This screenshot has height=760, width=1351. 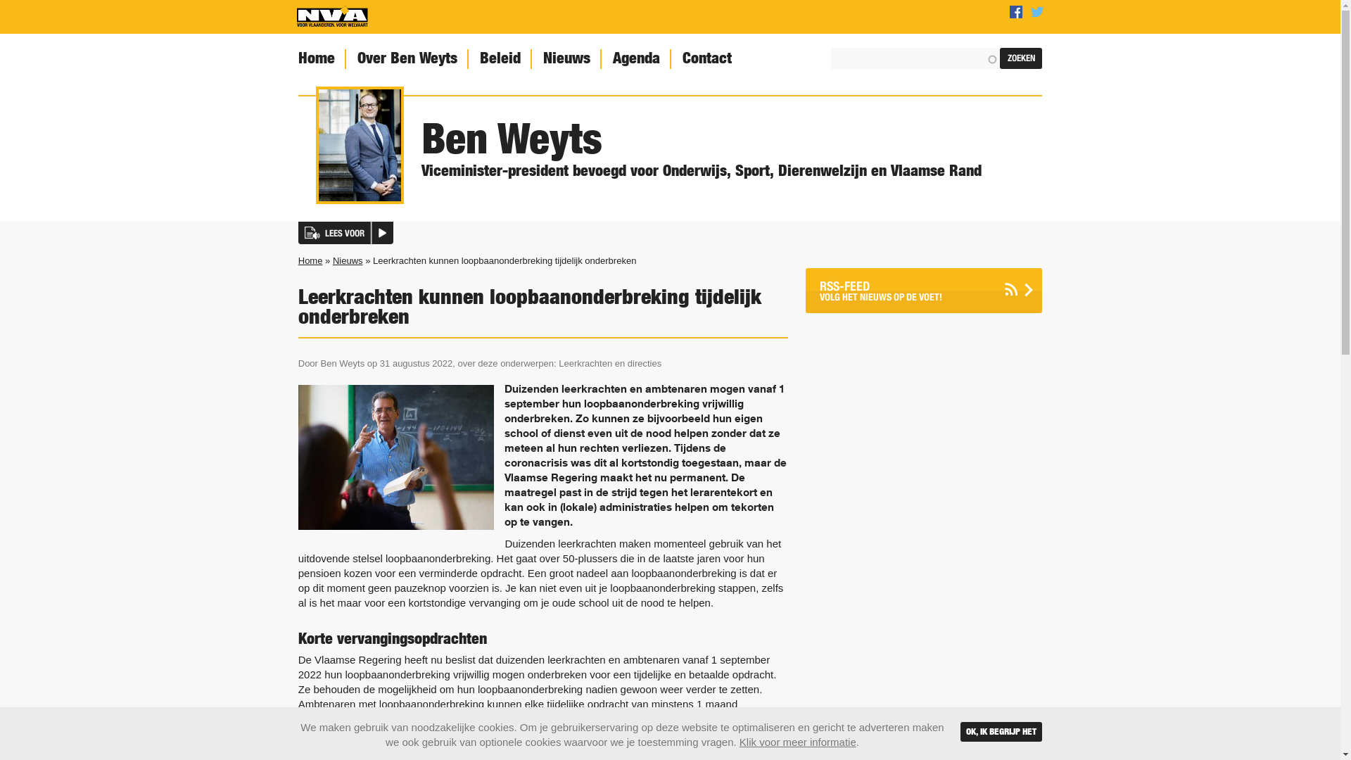 What do you see at coordinates (315, 58) in the screenshot?
I see `'Home'` at bounding box center [315, 58].